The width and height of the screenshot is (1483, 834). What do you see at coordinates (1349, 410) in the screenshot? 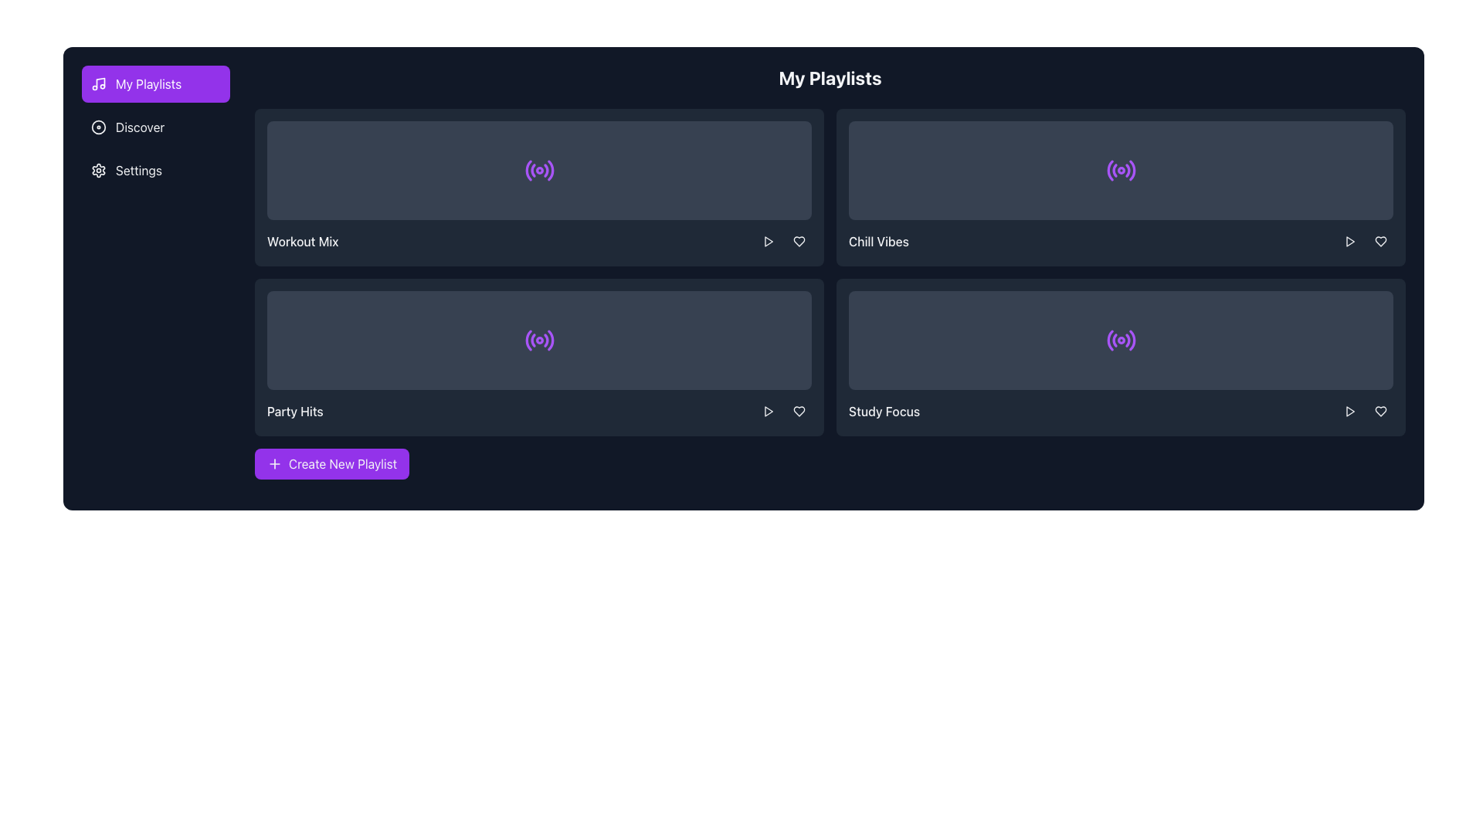
I see `the play icon button located at the bottom-right corner of the 'Study Focus' playlist card` at bounding box center [1349, 410].